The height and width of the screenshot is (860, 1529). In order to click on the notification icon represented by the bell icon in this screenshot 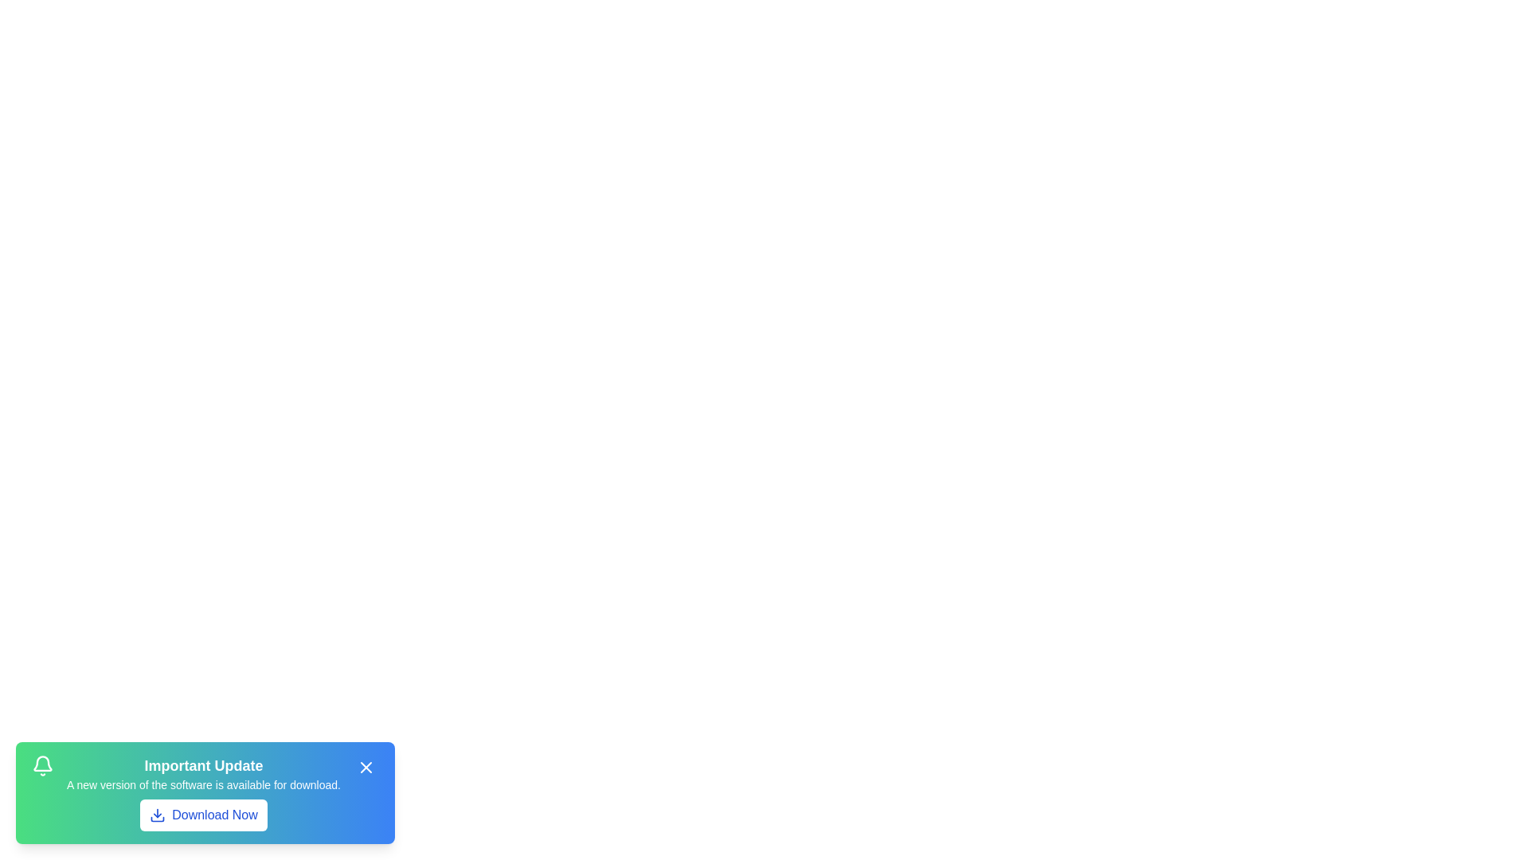, I will do `click(42, 764)`.